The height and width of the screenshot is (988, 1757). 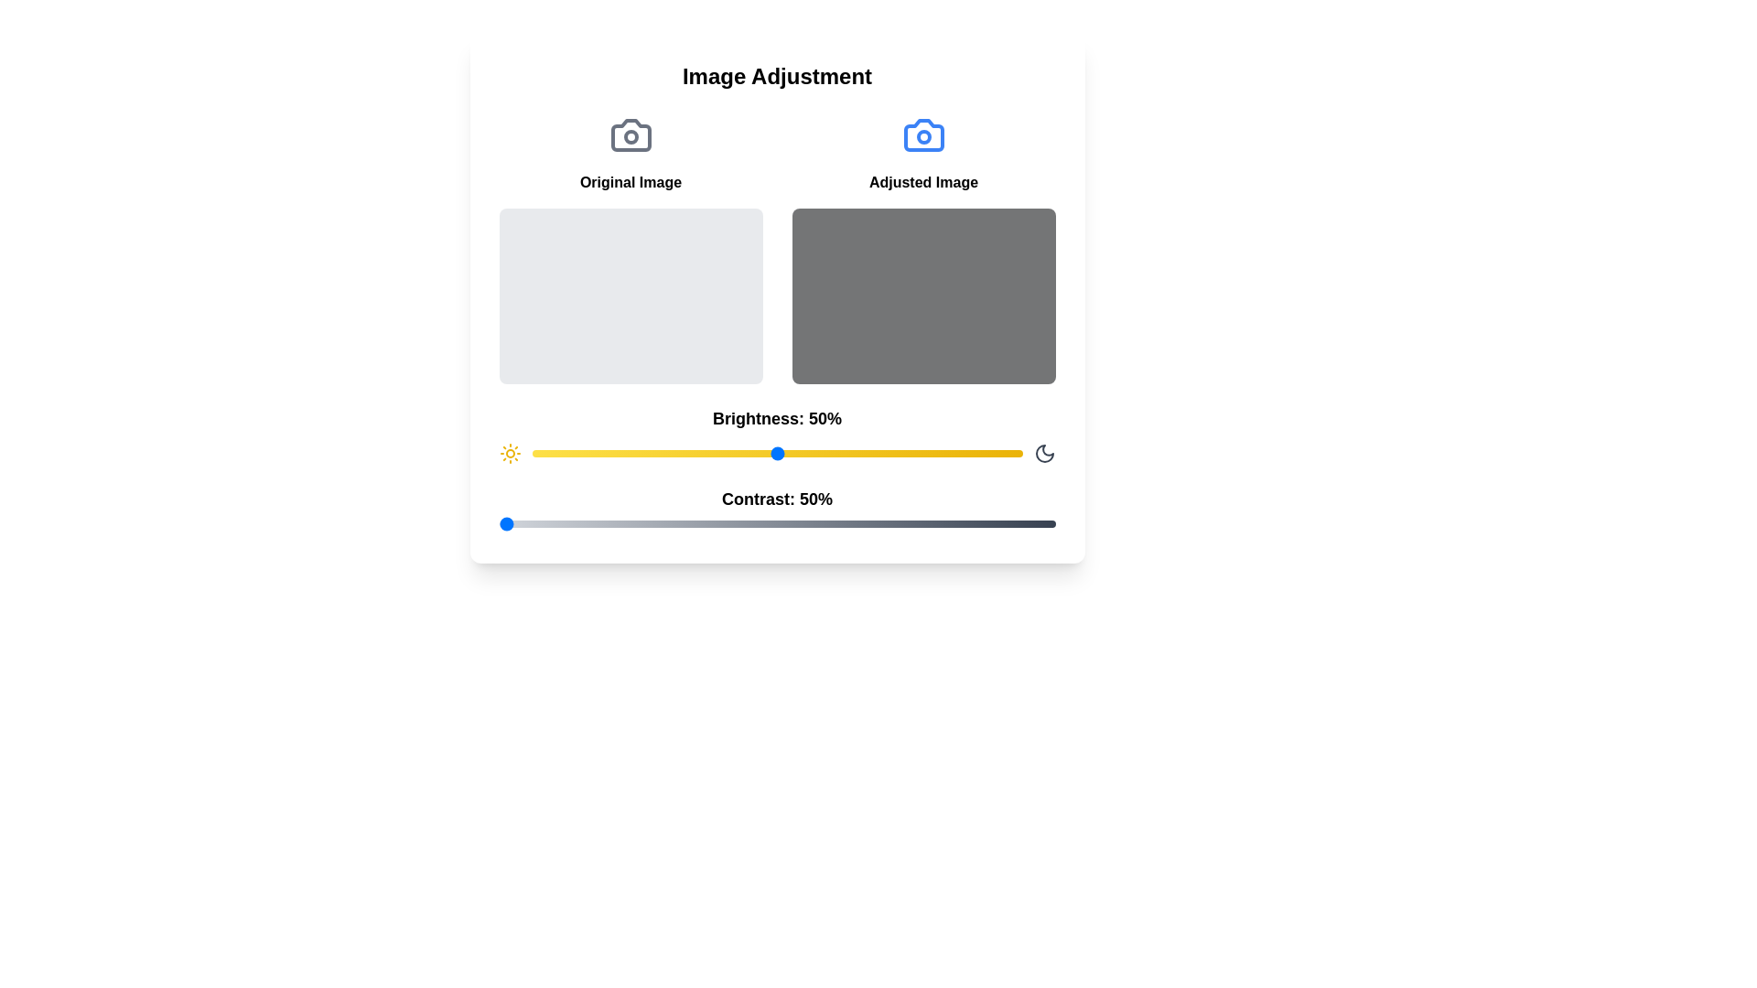 What do you see at coordinates (777, 76) in the screenshot?
I see `bold header text labeled 'Image Adjustment' which is prominently displayed at the top of the interface within a white background` at bounding box center [777, 76].